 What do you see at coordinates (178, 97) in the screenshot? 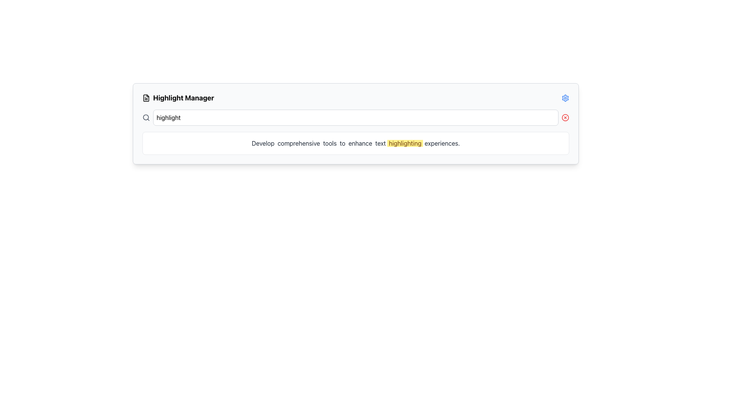
I see `the 'Highlight Manager' header text with the accompanying icon, located at the top left of the interface` at bounding box center [178, 97].